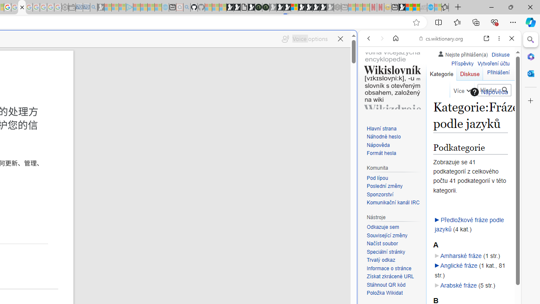  Describe the element at coordinates (382, 38) in the screenshot. I see `'Forward'` at that location.